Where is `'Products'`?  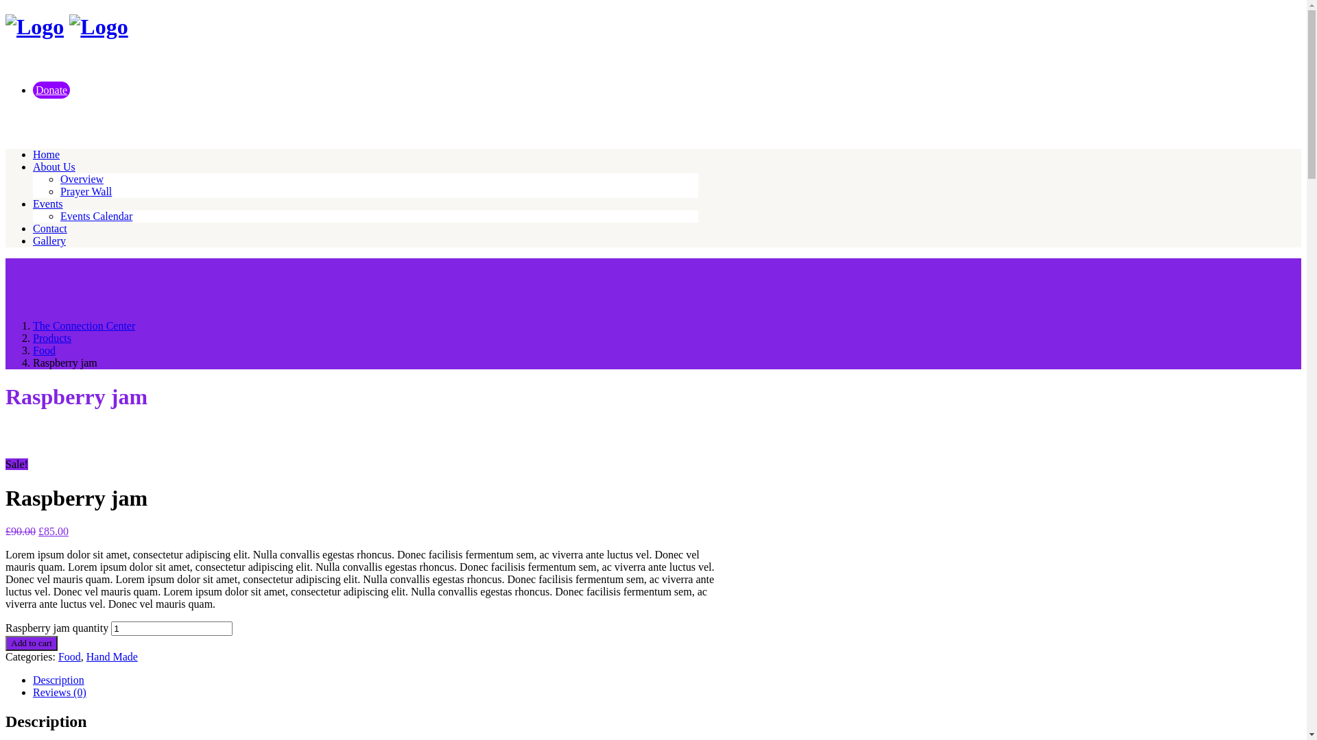 'Products' is located at coordinates (52, 338).